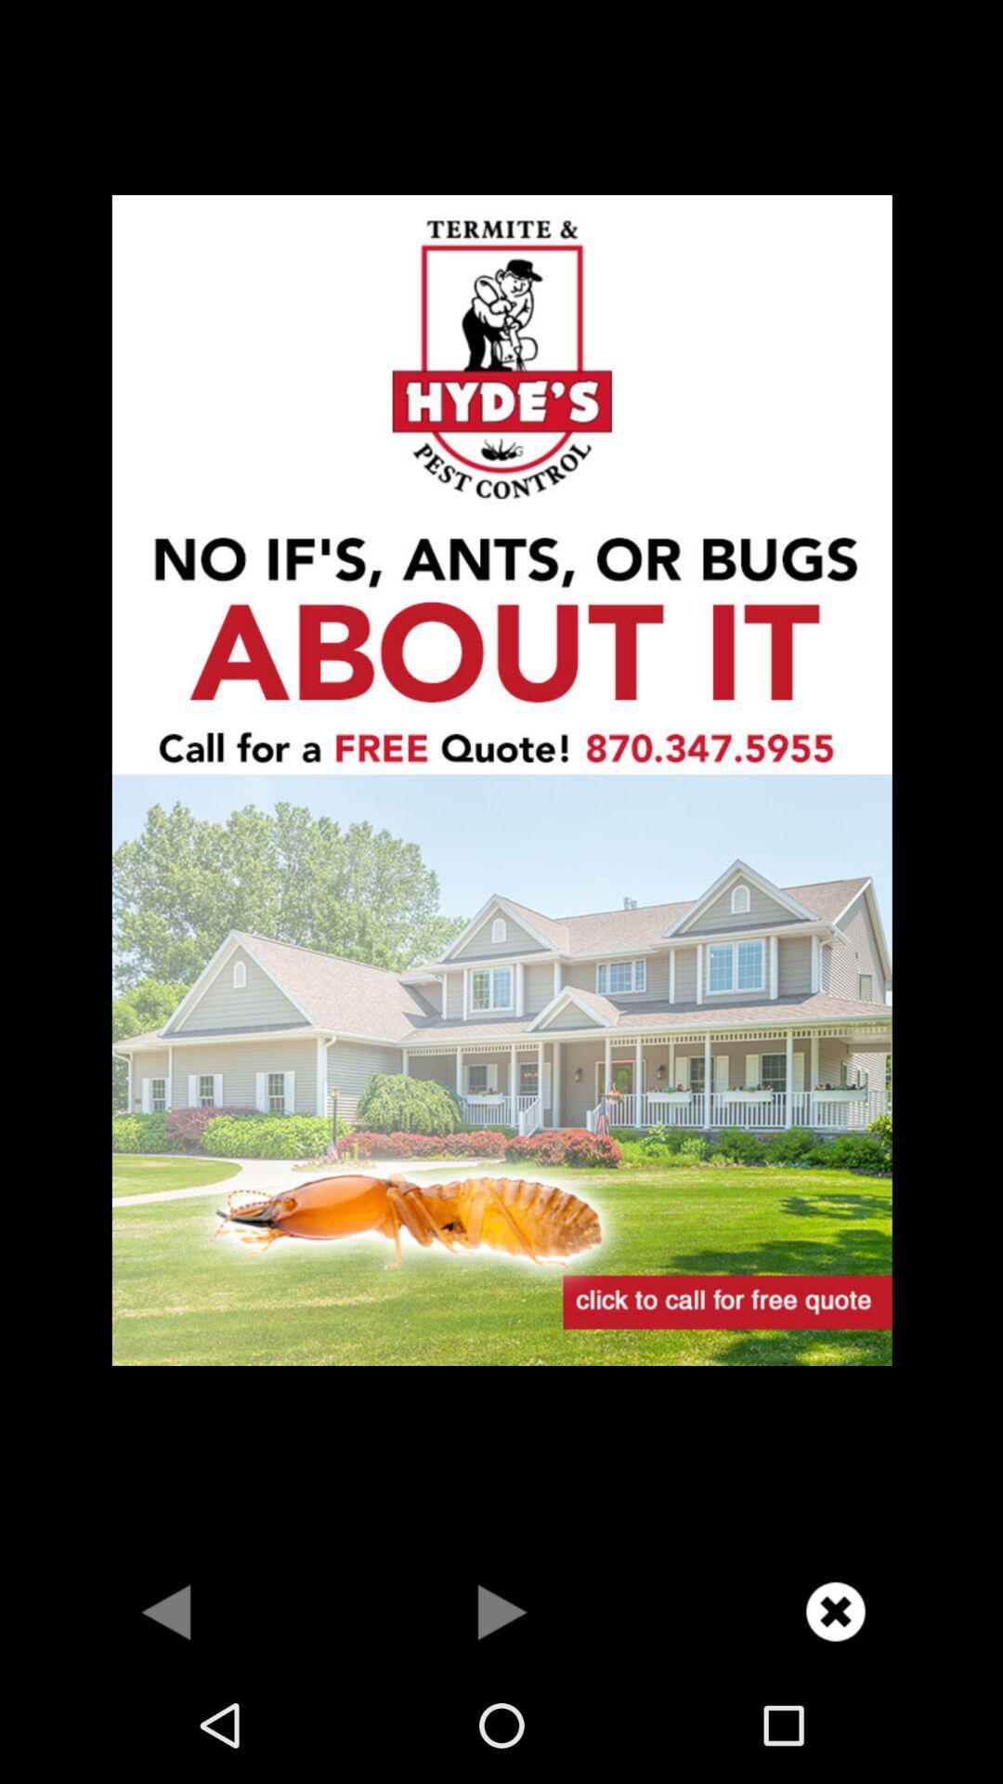 The image size is (1003, 1784). I want to click on the video, so click(501, 1610).